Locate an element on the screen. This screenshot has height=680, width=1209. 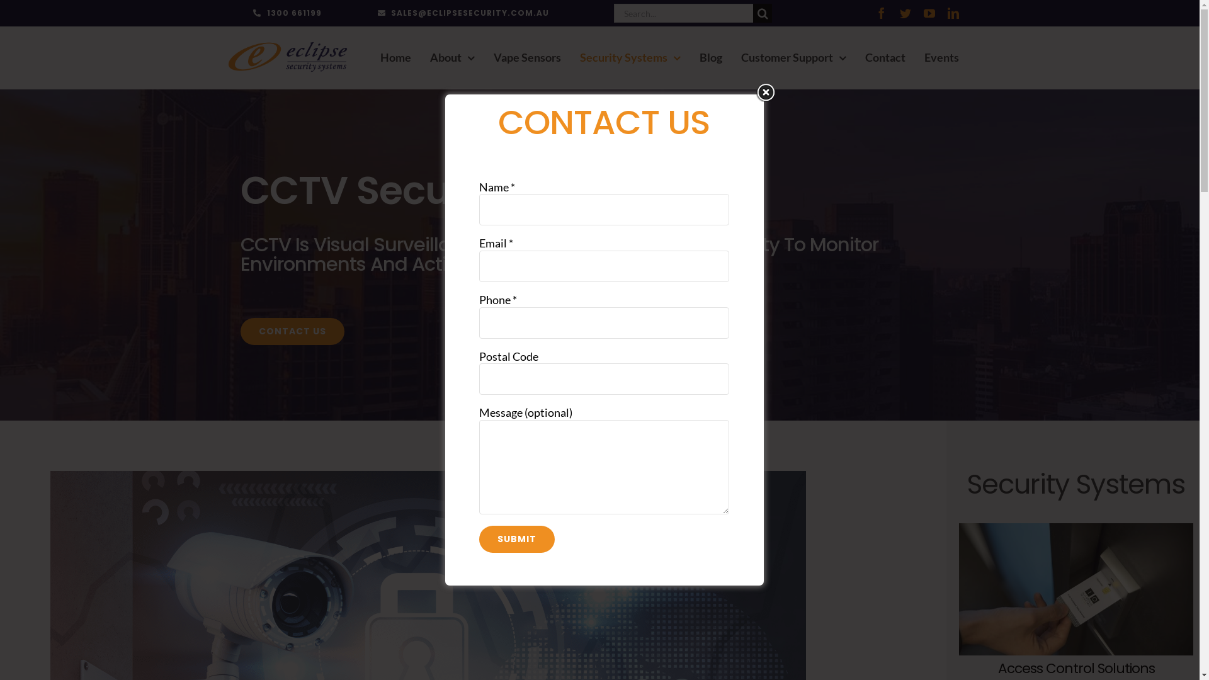
'Submit' is located at coordinates (516, 538).